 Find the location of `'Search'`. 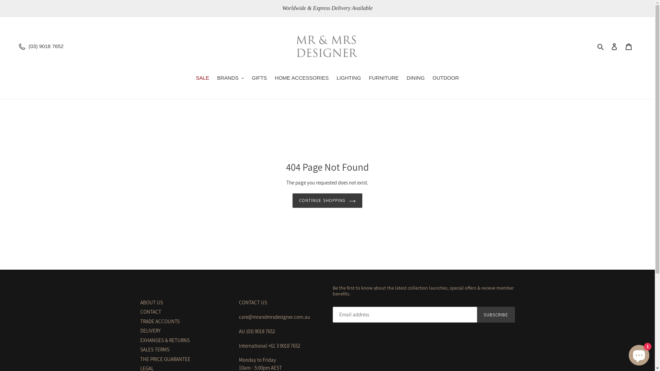

'Search' is located at coordinates (601, 46).